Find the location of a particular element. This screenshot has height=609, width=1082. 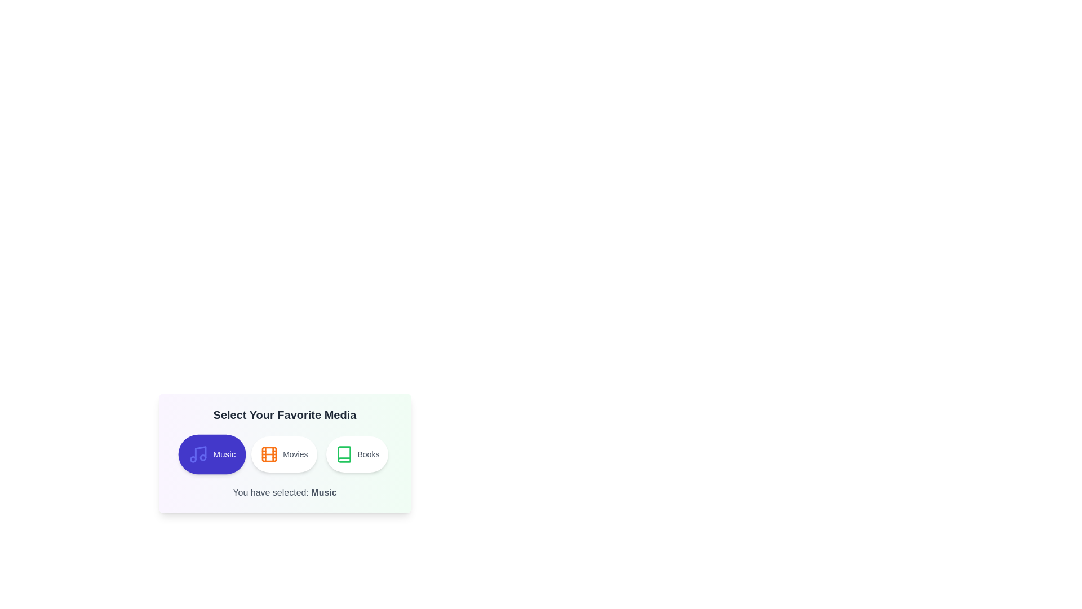

the button corresponding to the media type Music to select it is located at coordinates (211, 454).